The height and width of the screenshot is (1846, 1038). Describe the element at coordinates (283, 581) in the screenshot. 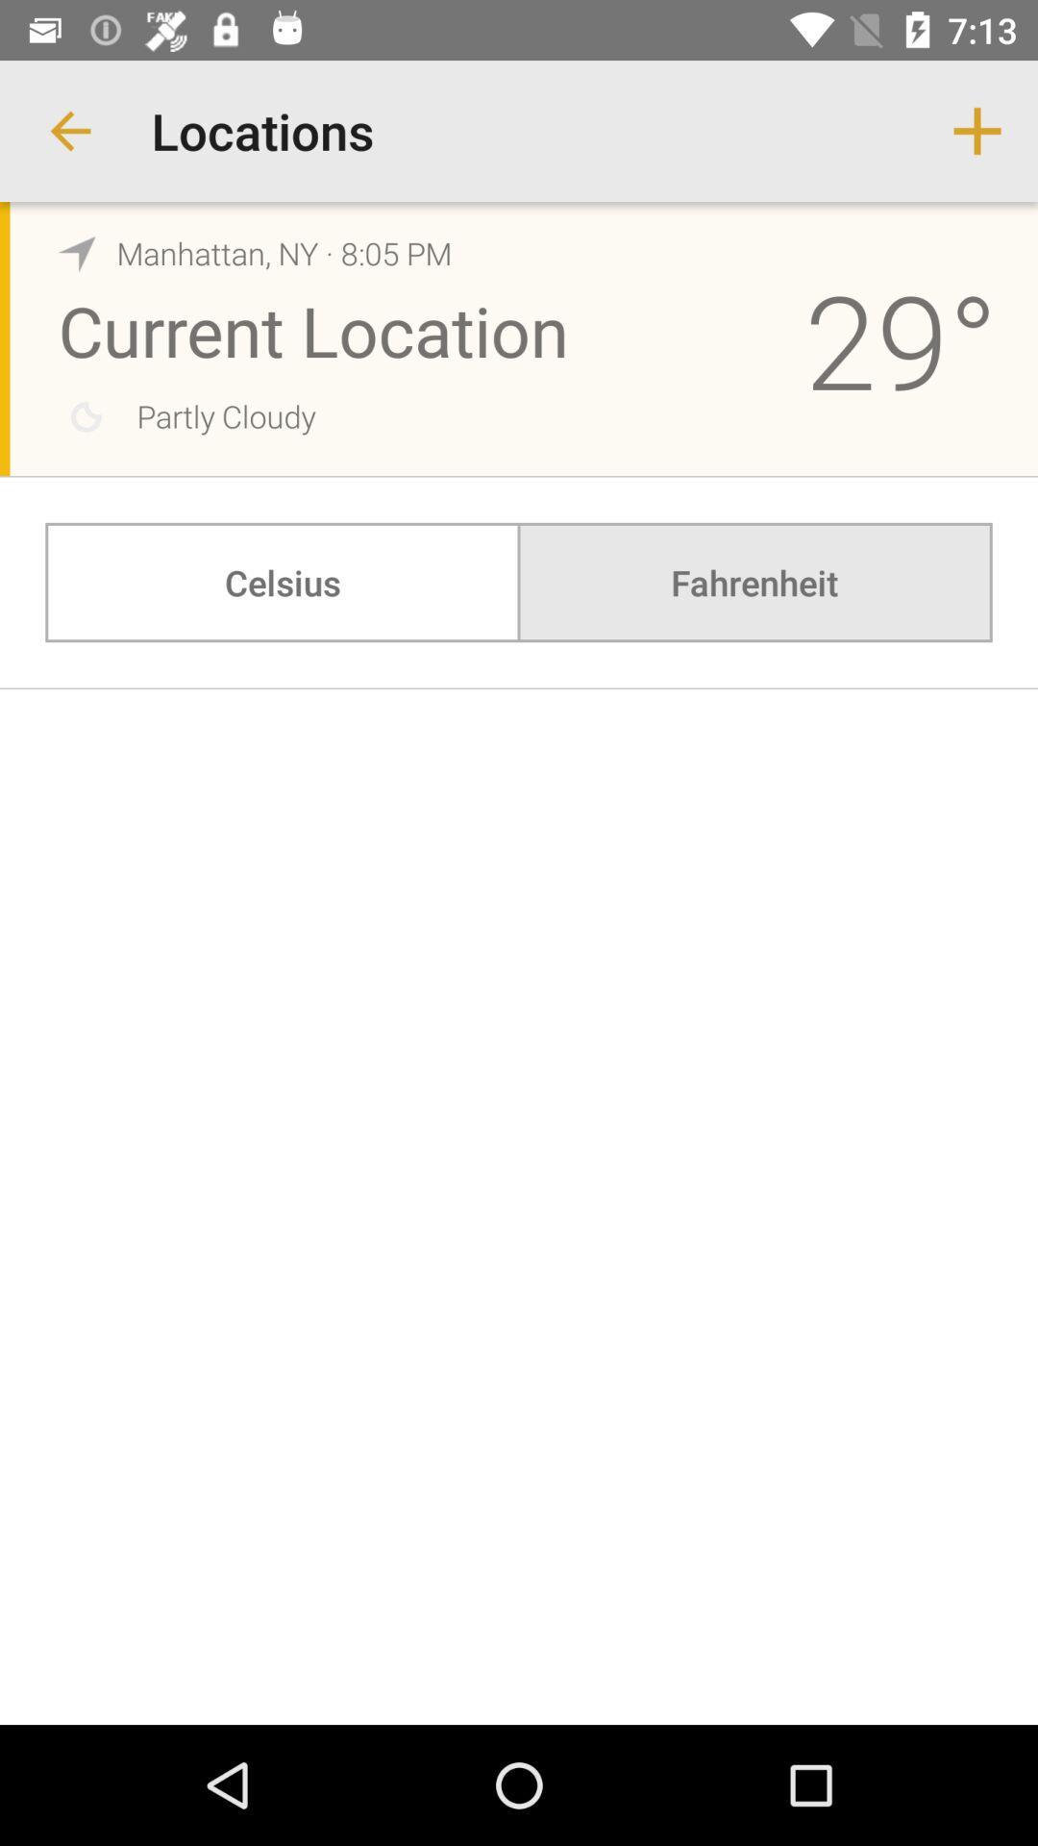

I see `celsius icon` at that location.